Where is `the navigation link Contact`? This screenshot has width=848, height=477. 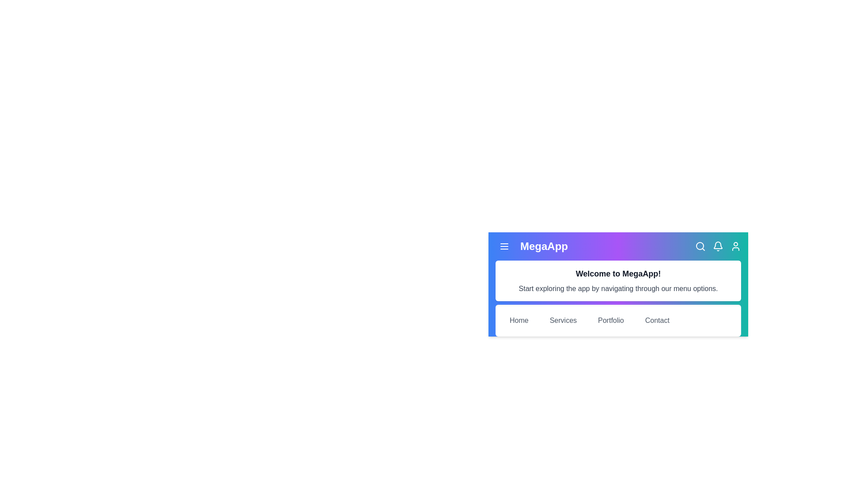 the navigation link Contact is located at coordinates (657, 320).